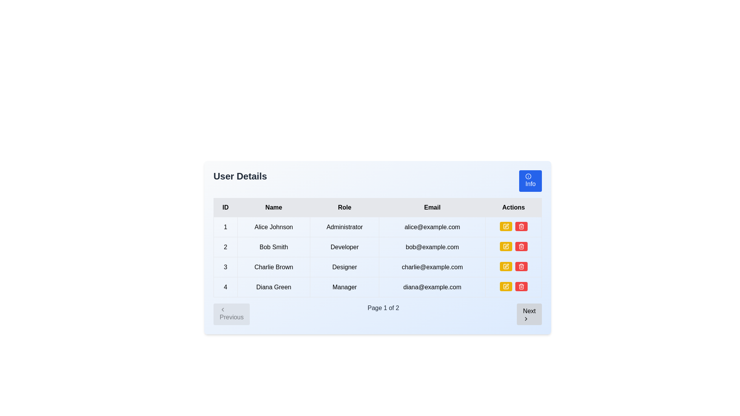 This screenshot has height=416, width=740. I want to click on the first icon in the third row of the 'Actions' column, which is a square outline with a diagonal line or pen-like feature inside it, so click(506, 266).